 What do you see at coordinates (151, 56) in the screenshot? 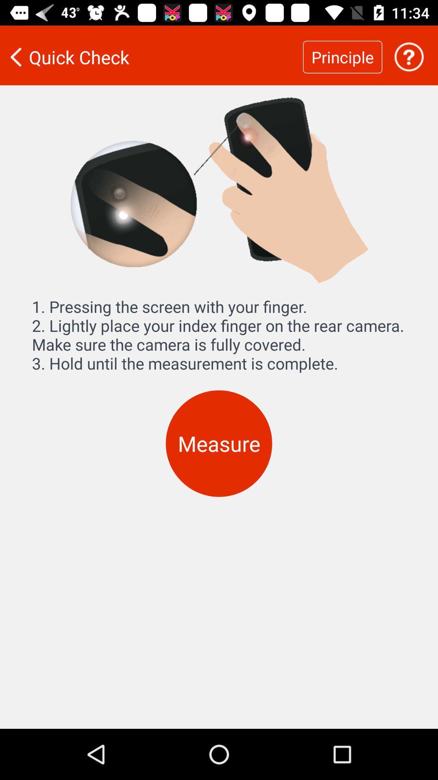
I see `the icon next to principle icon` at bounding box center [151, 56].